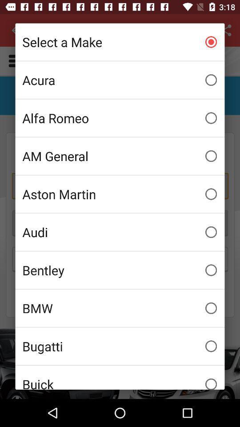 This screenshot has width=240, height=427. Describe the element at coordinates (120, 308) in the screenshot. I see `the icon below the bentley item` at that location.